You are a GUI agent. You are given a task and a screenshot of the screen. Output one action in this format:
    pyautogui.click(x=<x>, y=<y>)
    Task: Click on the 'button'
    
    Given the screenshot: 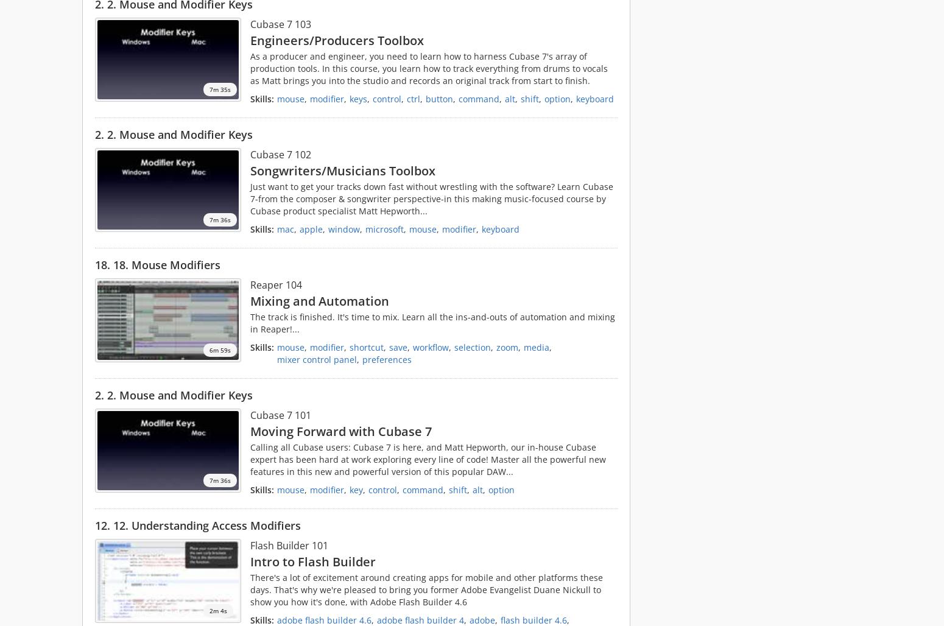 What is the action you would take?
    pyautogui.click(x=439, y=98)
    